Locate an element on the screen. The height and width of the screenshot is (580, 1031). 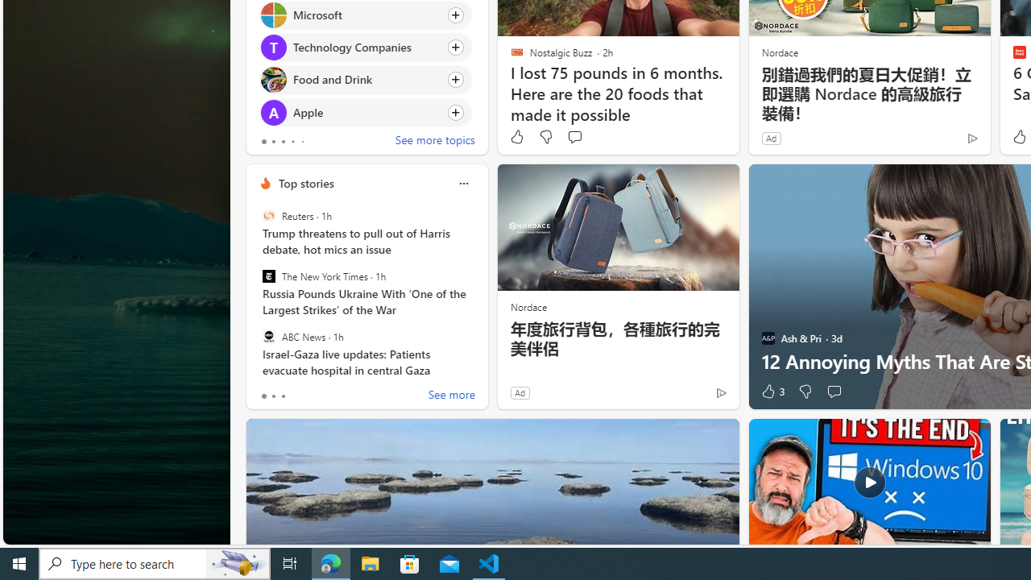
'Reuters' is located at coordinates (268, 215).